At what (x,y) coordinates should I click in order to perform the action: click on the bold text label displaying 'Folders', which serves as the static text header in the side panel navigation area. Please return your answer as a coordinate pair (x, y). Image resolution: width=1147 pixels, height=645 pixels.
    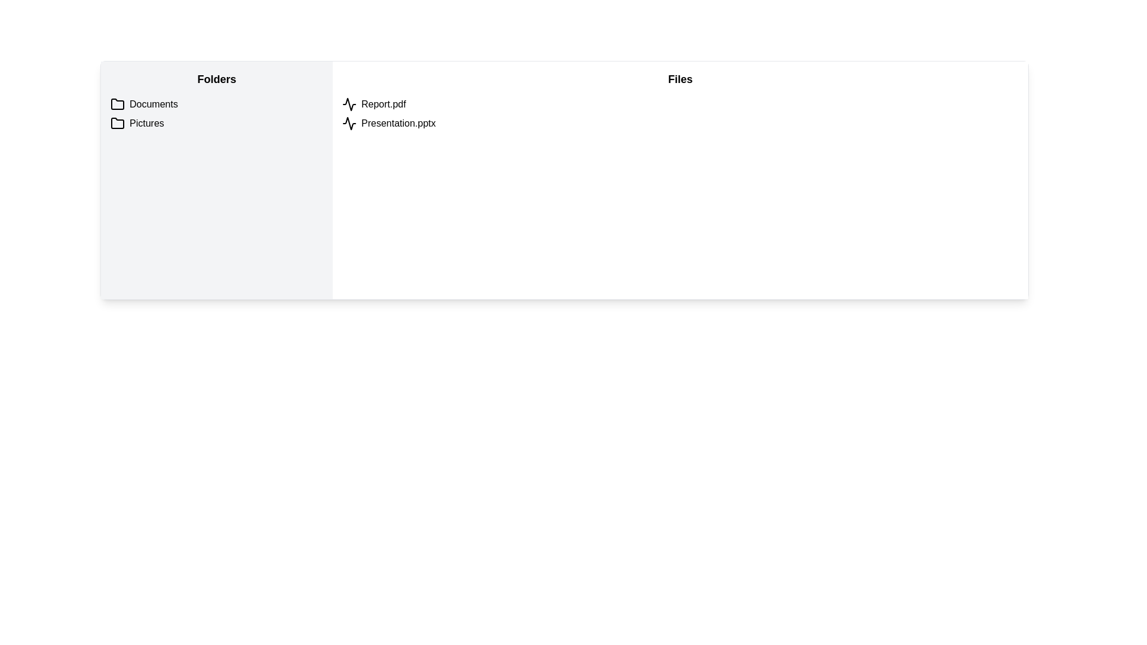
    Looking at the image, I should click on (217, 79).